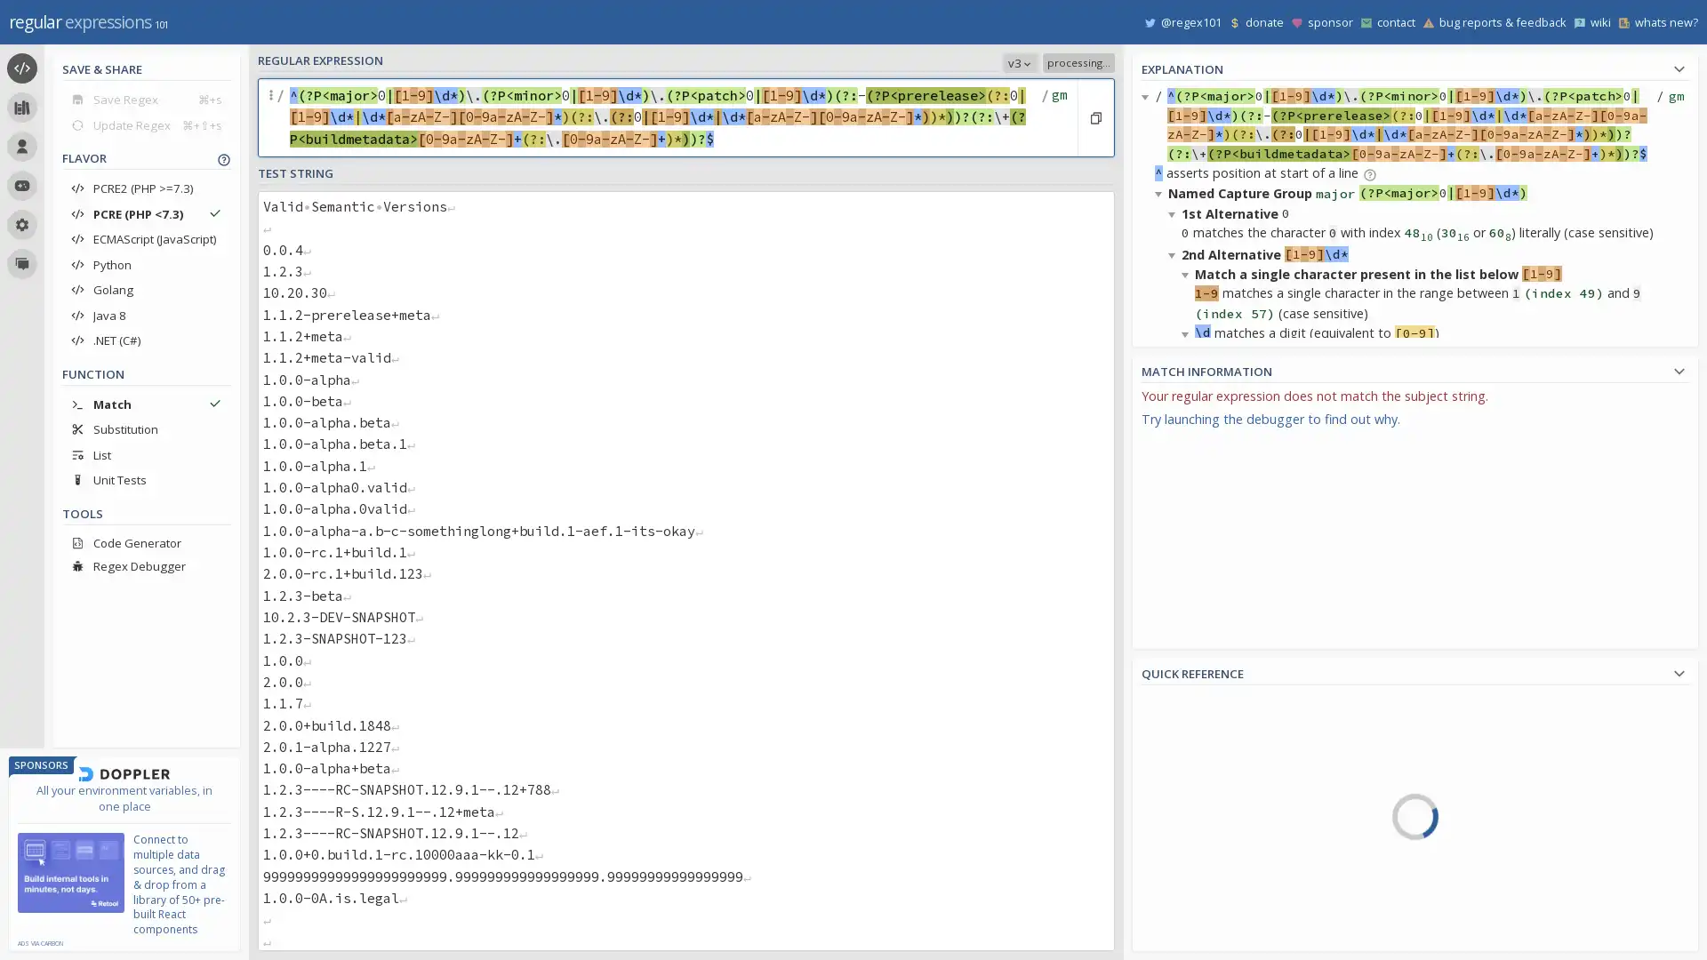 The width and height of the screenshot is (1707, 960). Describe the element at coordinates (1503, 906) in the screenshot. I see `Any non-whitespace character \S` at that location.